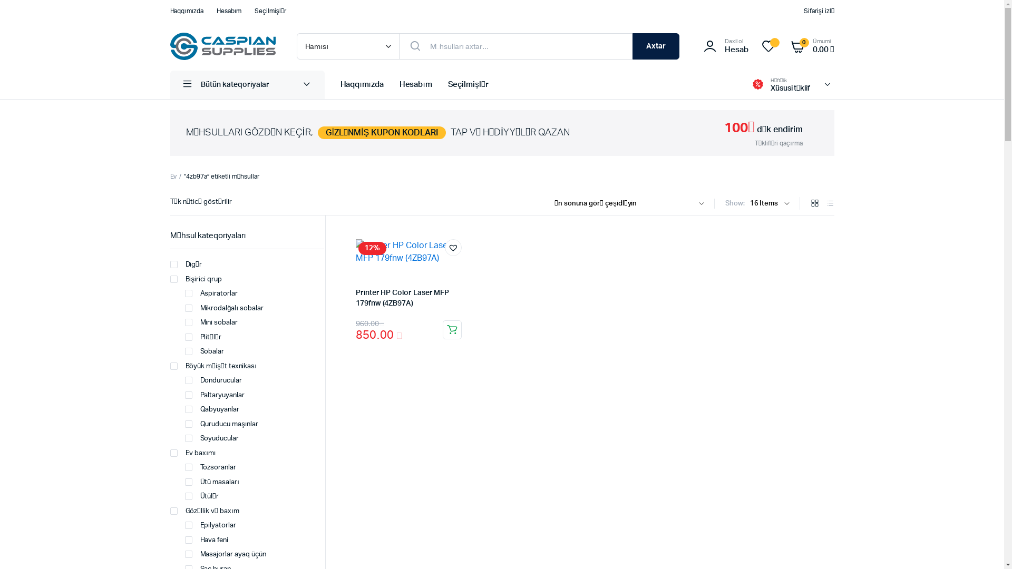 The height and width of the screenshot is (569, 1012). What do you see at coordinates (724, 46) in the screenshot?
I see `'Daxil ol` at bounding box center [724, 46].